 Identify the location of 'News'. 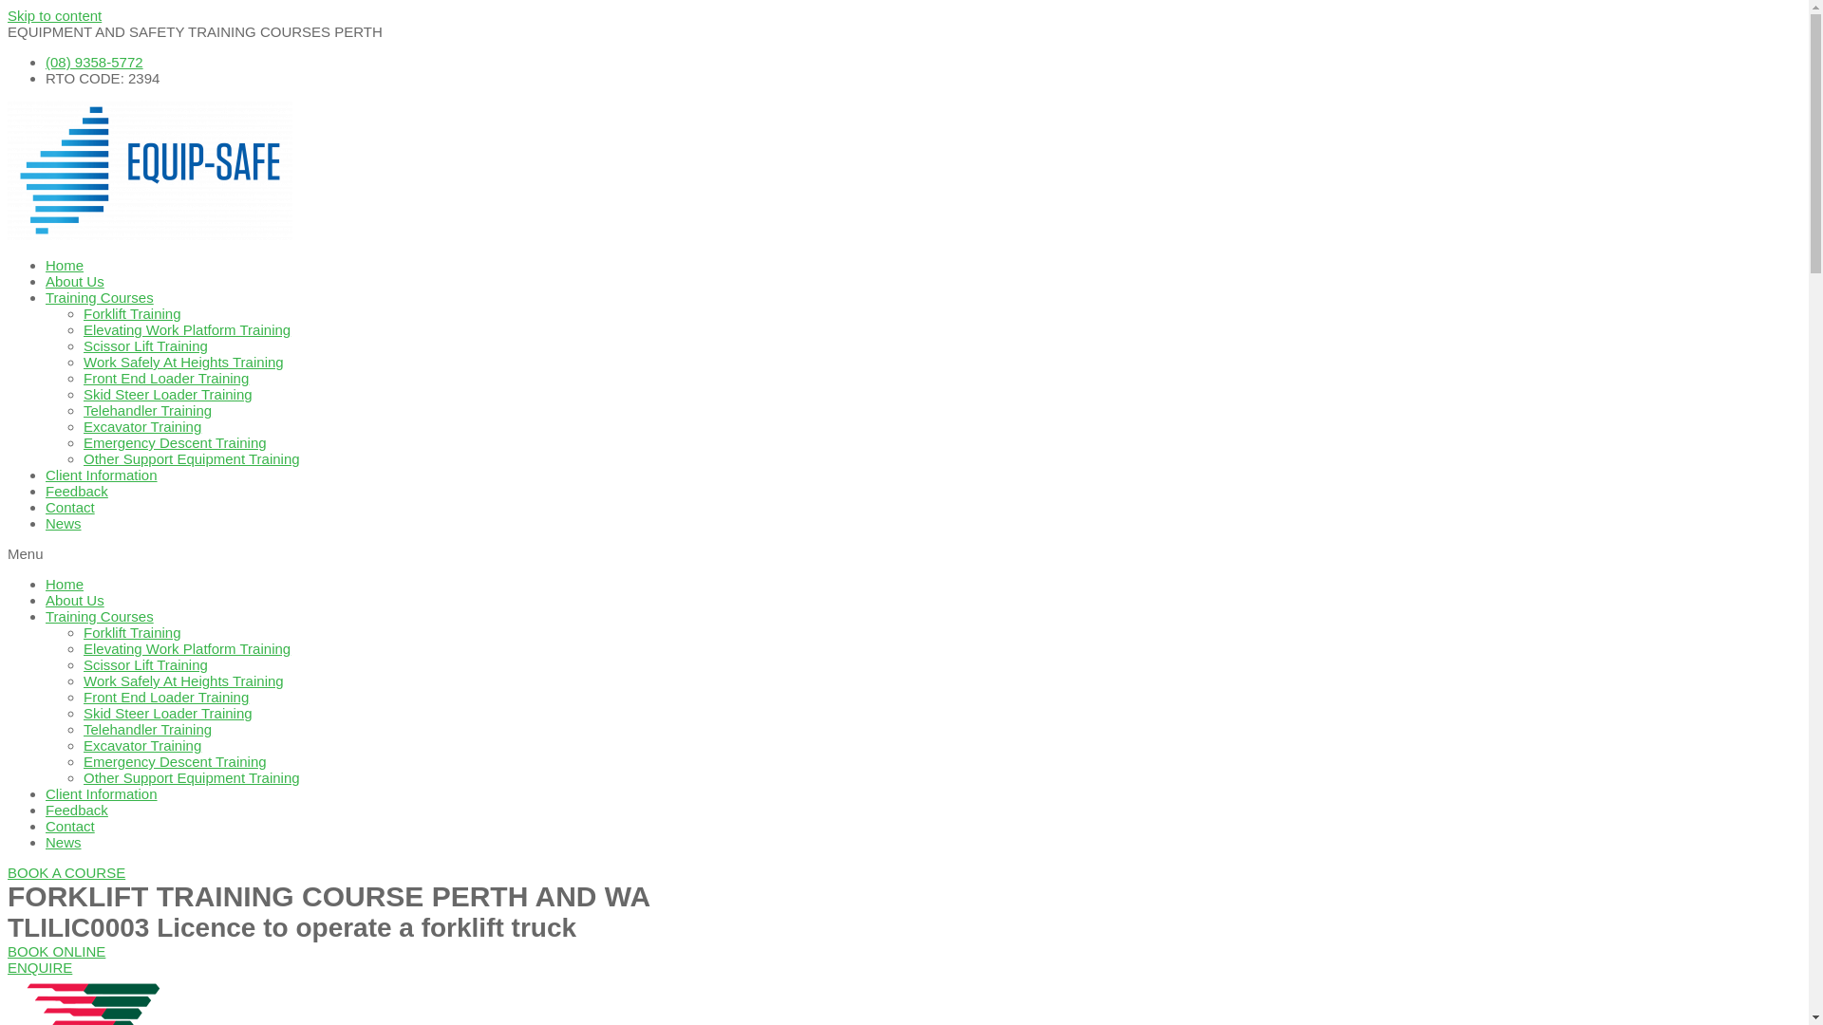
(46, 523).